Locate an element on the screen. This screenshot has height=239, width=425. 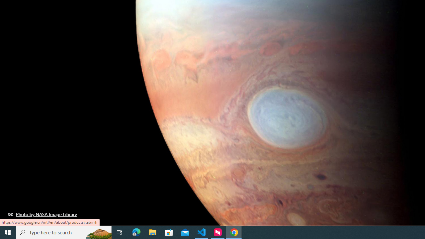
'Photo by NASA Image Library' is located at coordinates (42, 214).